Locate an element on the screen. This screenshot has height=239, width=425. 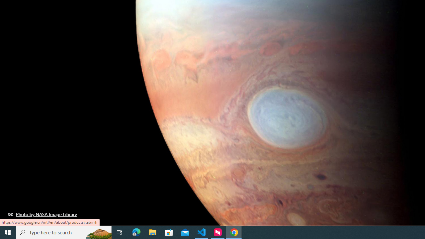
'Photo by NASA Image Library' is located at coordinates (42, 214).